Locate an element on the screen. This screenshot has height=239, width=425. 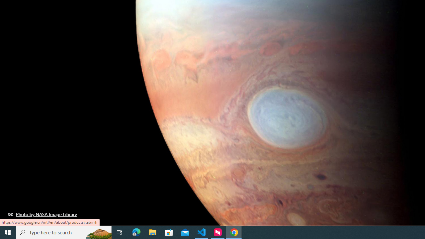
'Photo by NASA Image Library' is located at coordinates (42, 214).